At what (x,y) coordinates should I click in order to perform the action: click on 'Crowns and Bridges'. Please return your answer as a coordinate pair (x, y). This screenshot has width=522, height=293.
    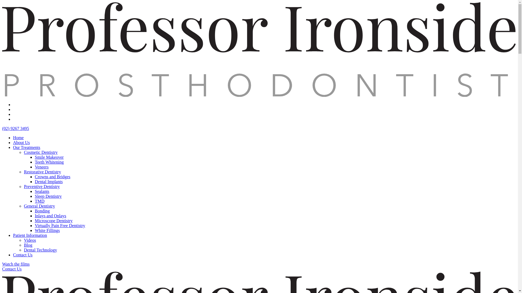
    Looking at the image, I should click on (52, 177).